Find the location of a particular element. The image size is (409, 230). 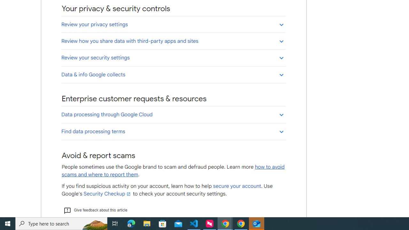

'secure your account' is located at coordinates (236, 186).